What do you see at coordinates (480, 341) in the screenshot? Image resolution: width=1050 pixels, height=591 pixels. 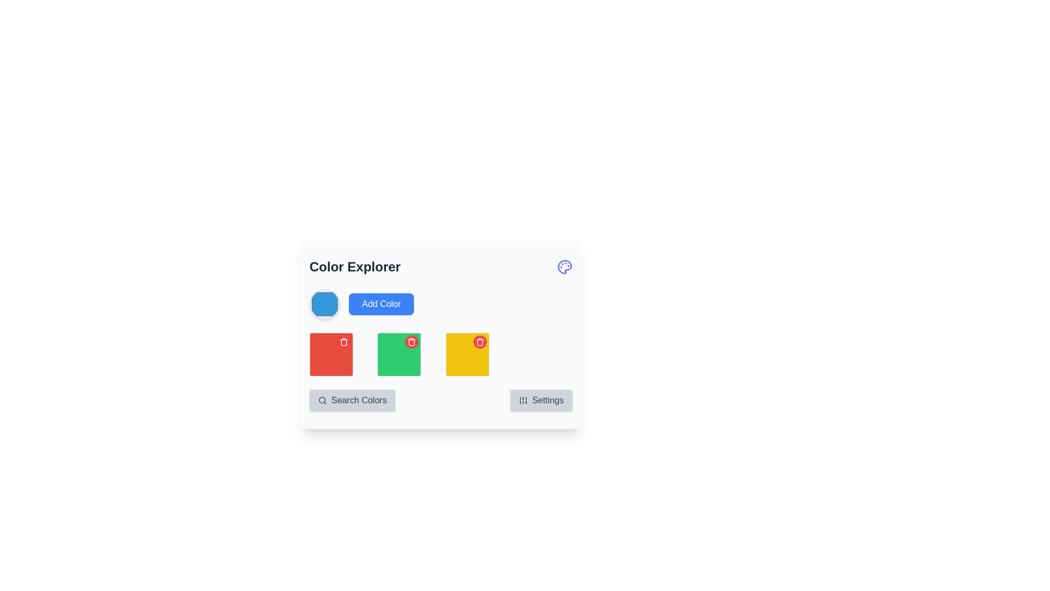 I see `the delete button located in the top-right corner of the yellow square in the third column of color blocks within the 'Color Explorer' interface` at bounding box center [480, 341].